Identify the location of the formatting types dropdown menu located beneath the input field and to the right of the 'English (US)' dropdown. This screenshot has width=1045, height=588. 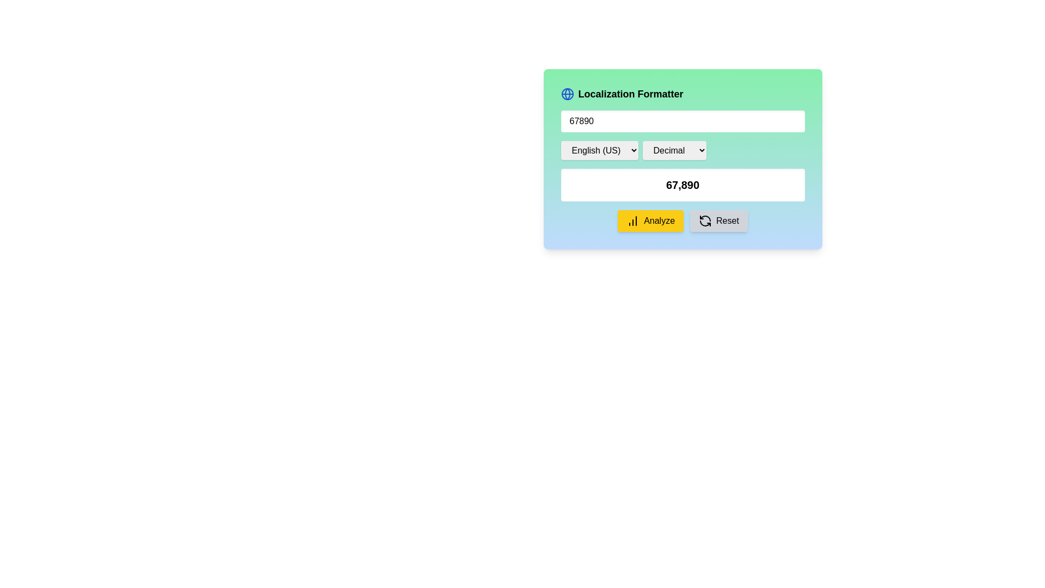
(682, 159).